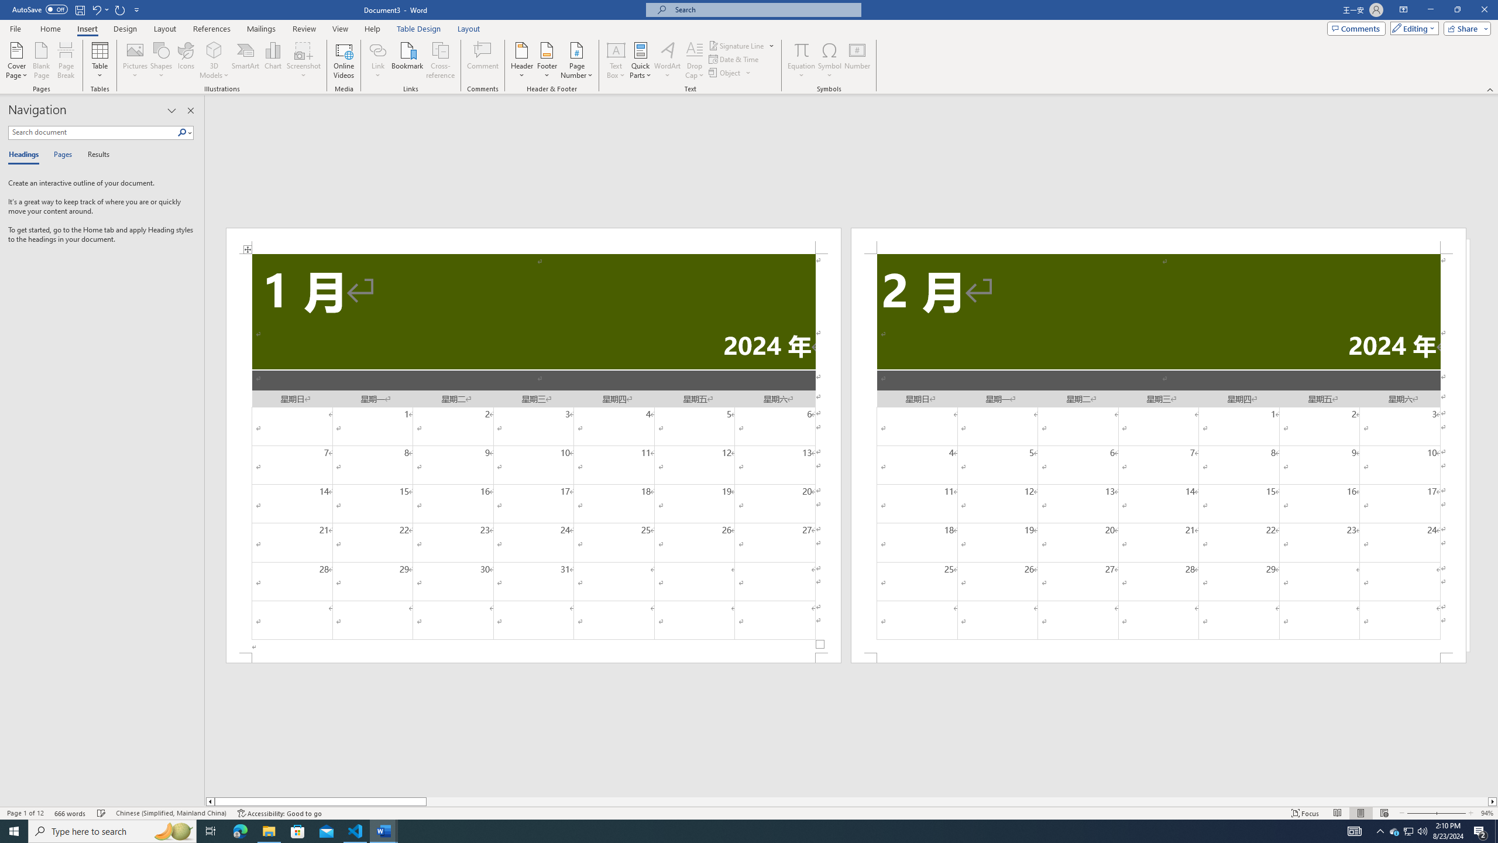  What do you see at coordinates (100, 60) in the screenshot?
I see `'Table'` at bounding box center [100, 60].